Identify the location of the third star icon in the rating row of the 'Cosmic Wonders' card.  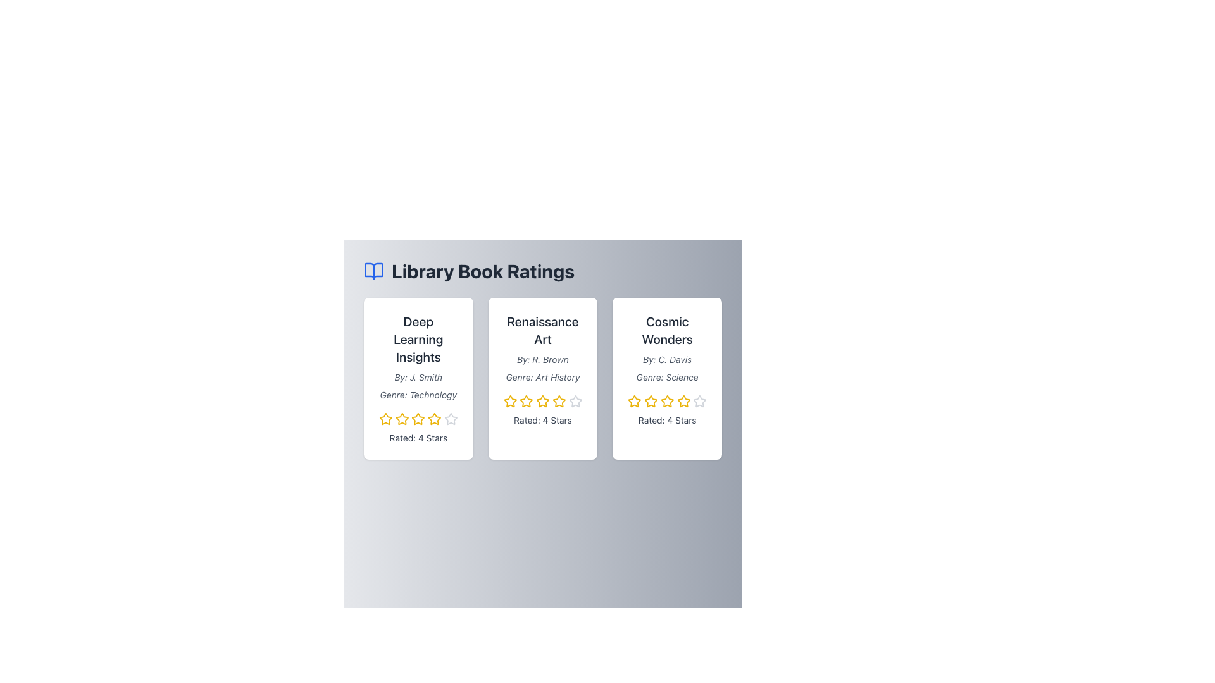
(666, 401).